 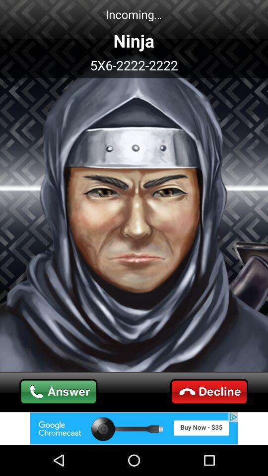 What do you see at coordinates (59, 392) in the screenshot?
I see `answer` at bounding box center [59, 392].